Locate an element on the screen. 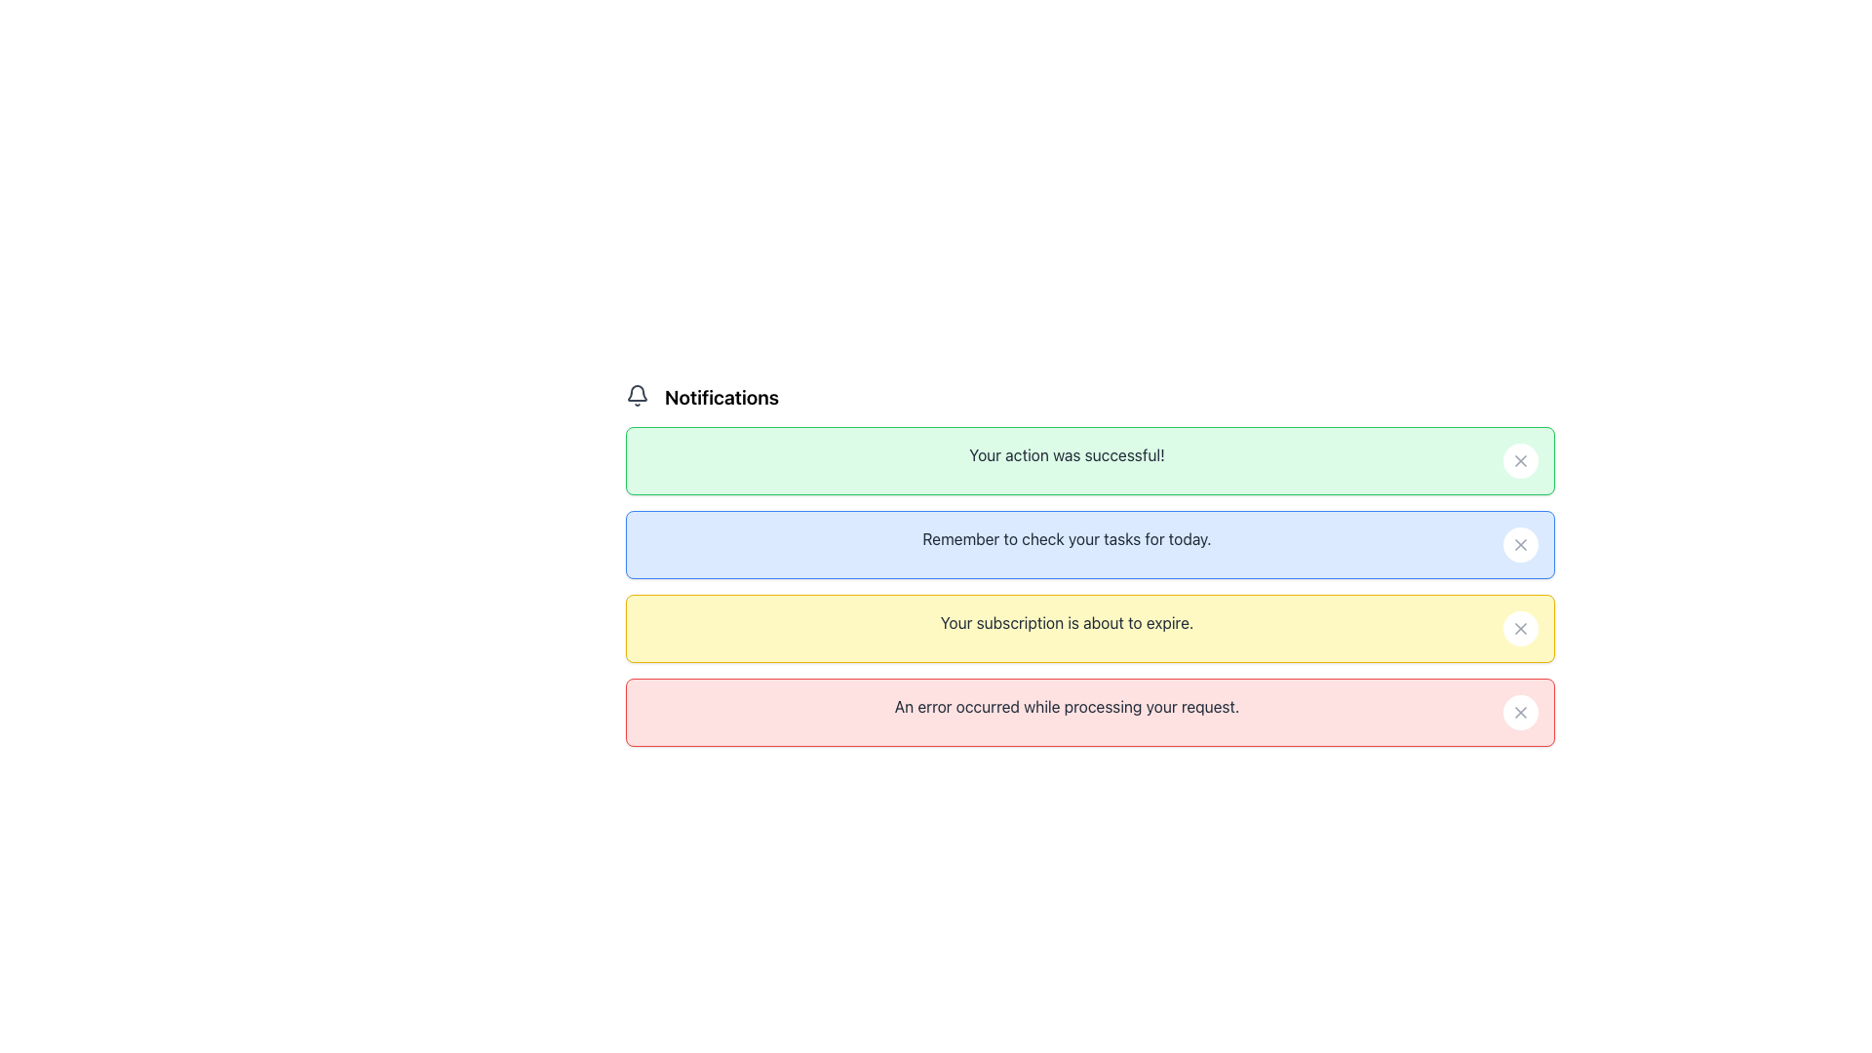 Image resolution: width=1872 pixels, height=1053 pixels. message displayed in the Notification Card with a yellow background that states 'Your subscription is about to expire.' This is the third notification in the list under 'Notifications.' is located at coordinates (1089, 585).